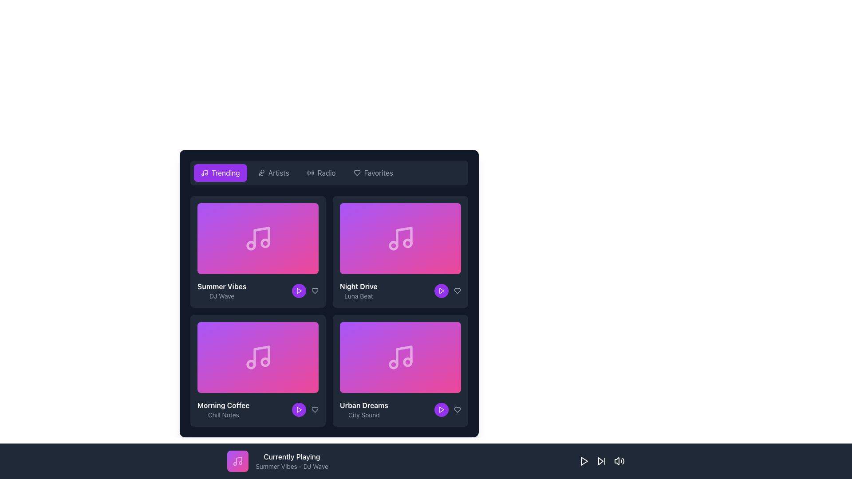 Image resolution: width=852 pixels, height=479 pixels. Describe the element at coordinates (204, 173) in the screenshot. I see `the SVG icon located to the left of the 'Trending' button in the navigation bar at the top left corner of the user interface` at that location.